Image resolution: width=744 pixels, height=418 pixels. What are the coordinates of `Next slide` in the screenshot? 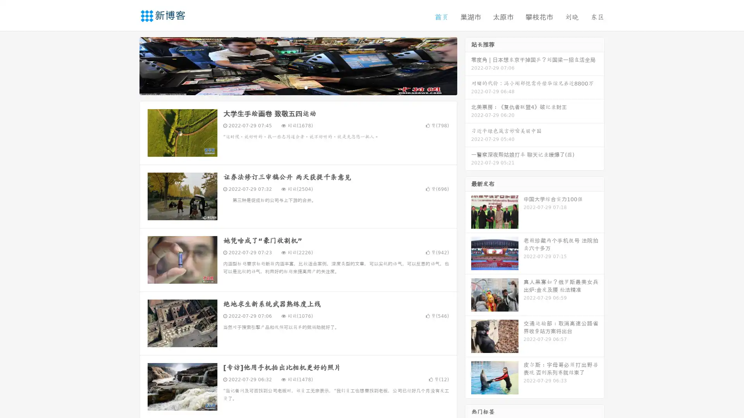 It's located at (468, 65).